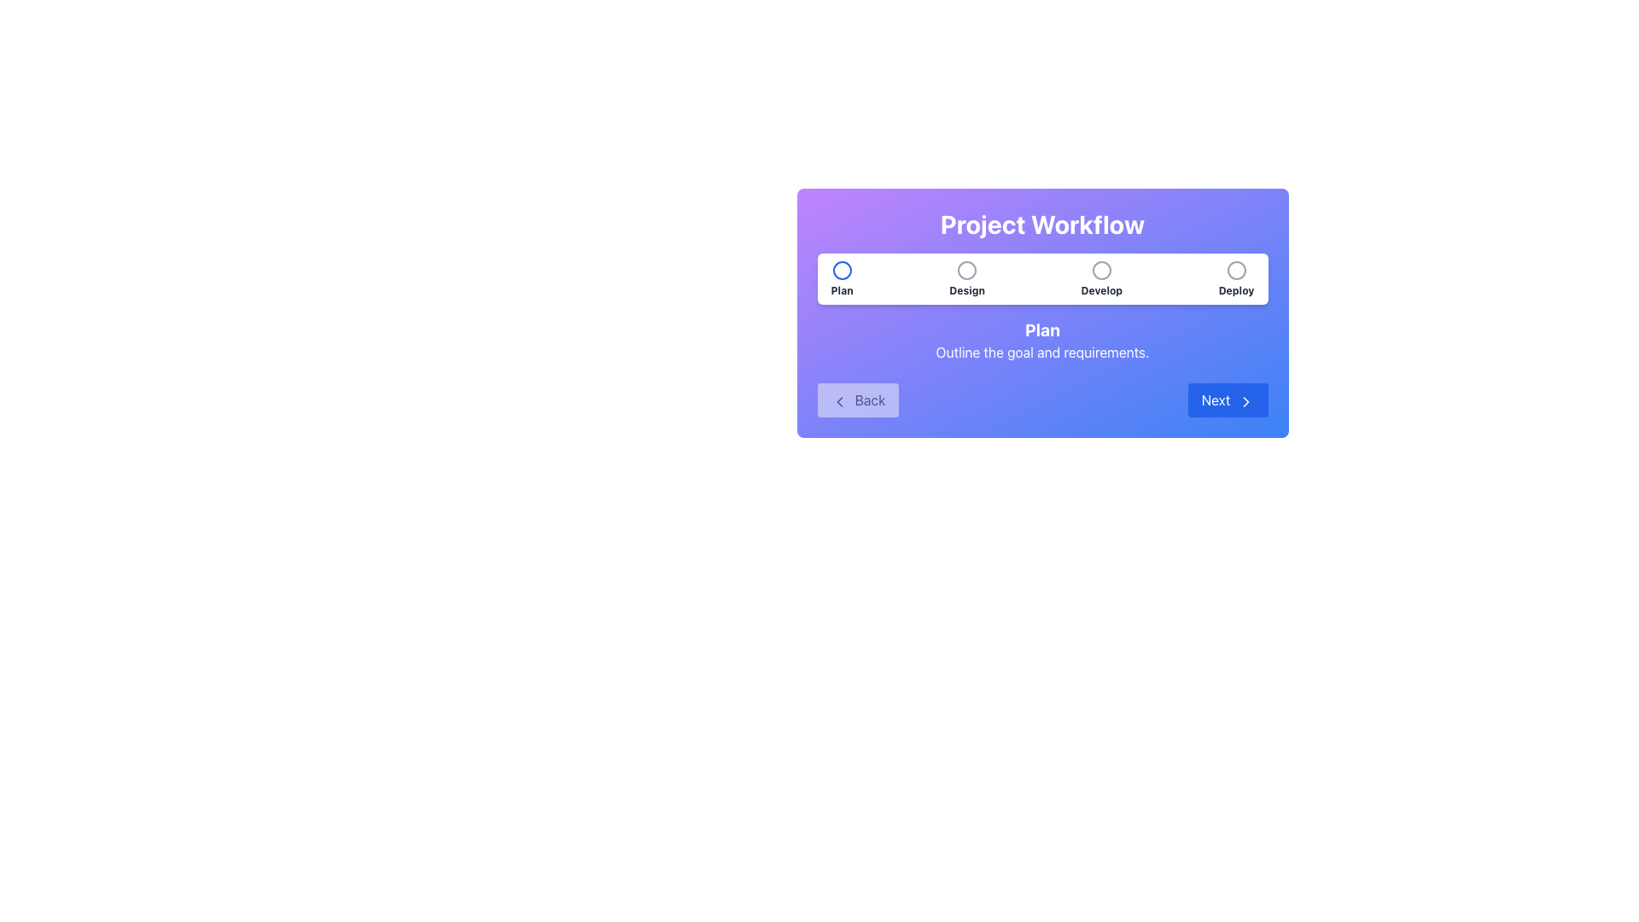 The image size is (1639, 922). I want to click on the Circle SVG element that indicates the 'Develop' stage in the workflow of the step-based navigation interface, so click(1101, 269).